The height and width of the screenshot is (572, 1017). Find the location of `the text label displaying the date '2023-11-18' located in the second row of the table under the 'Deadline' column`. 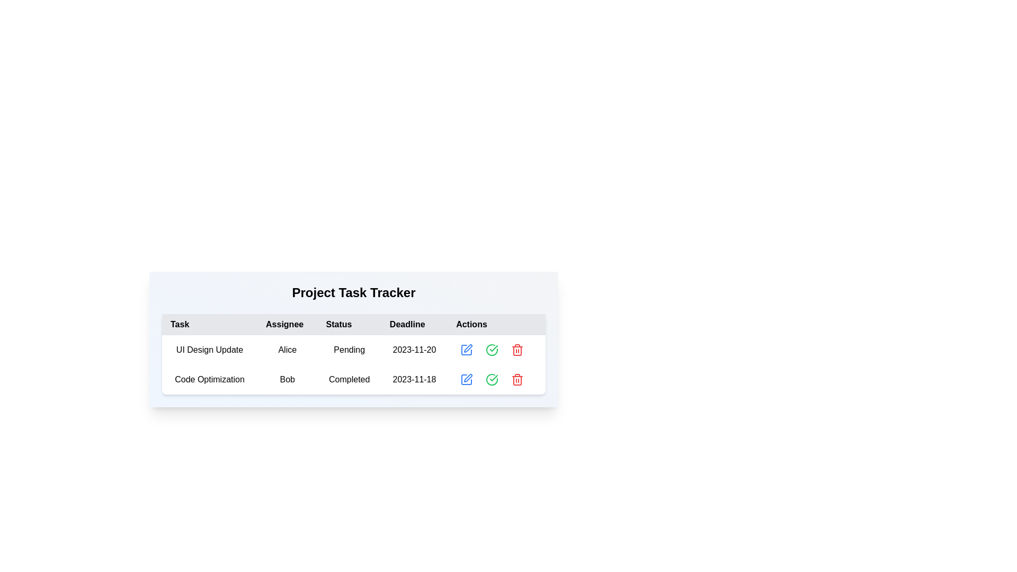

the text label displaying the date '2023-11-18' located in the second row of the table under the 'Deadline' column is located at coordinates (414, 379).